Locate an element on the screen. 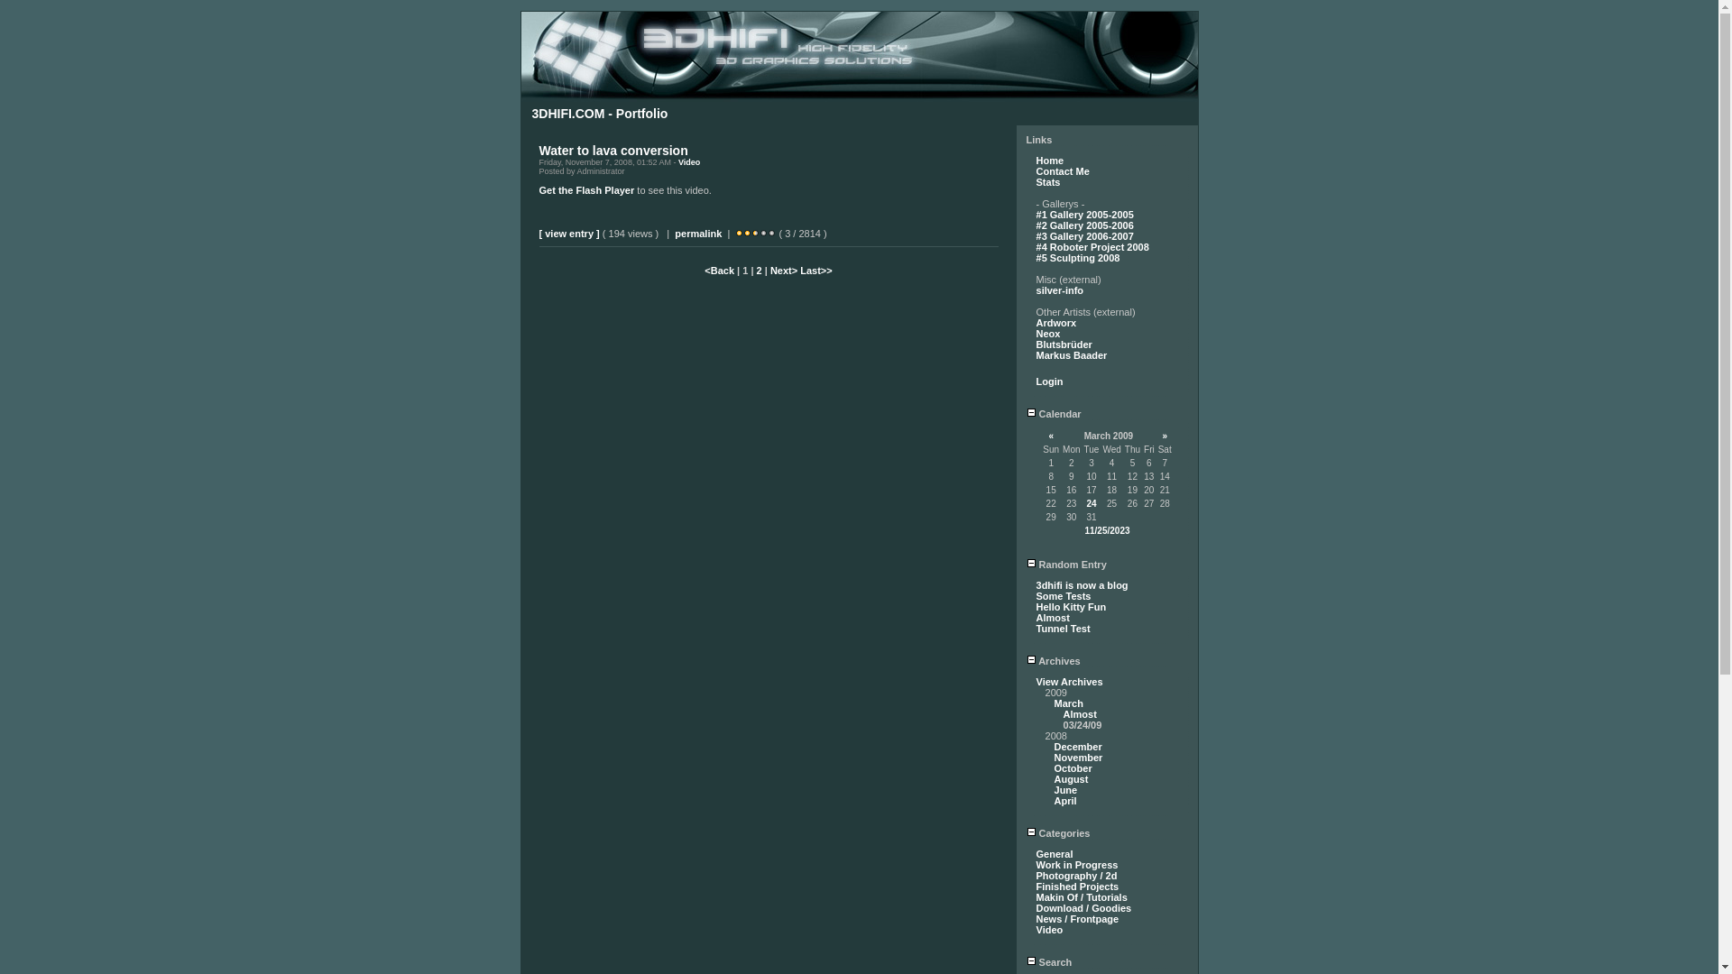 This screenshot has width=1732, height=974. 'March' is located at coordinates (1069, 702).